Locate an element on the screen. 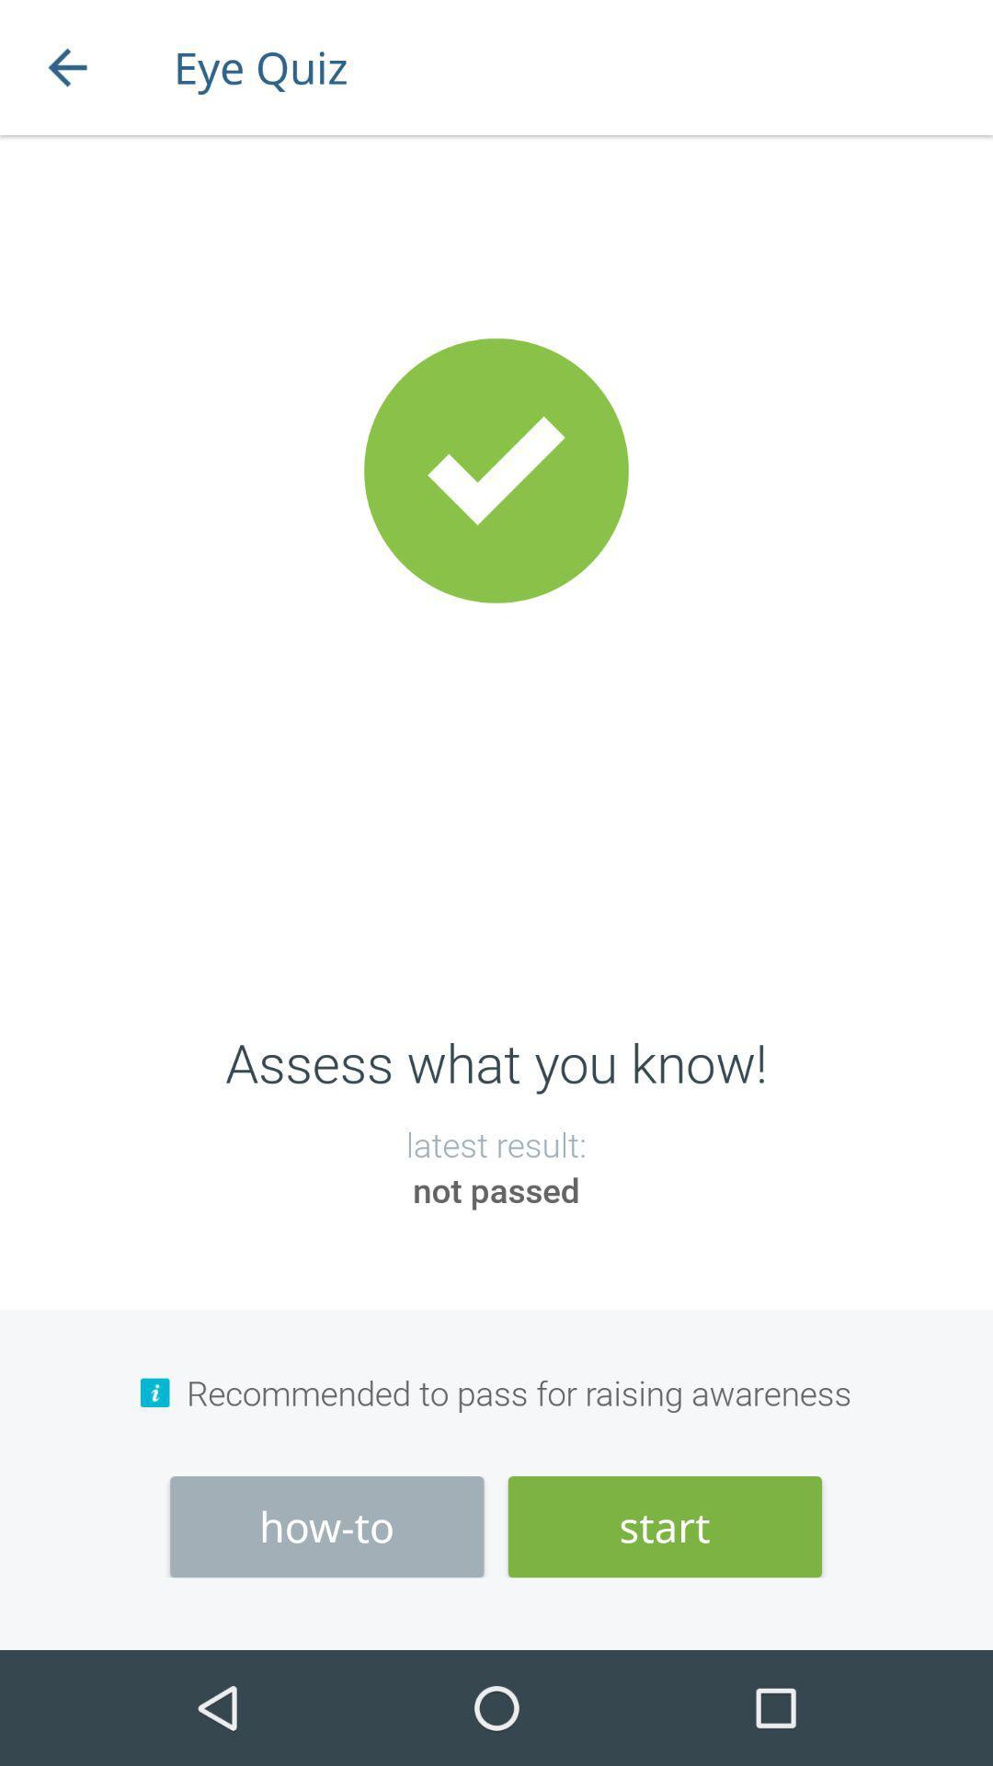 This screenshot has width=993, height=1766. the item next to start item is located at coordinates (325, 1527).